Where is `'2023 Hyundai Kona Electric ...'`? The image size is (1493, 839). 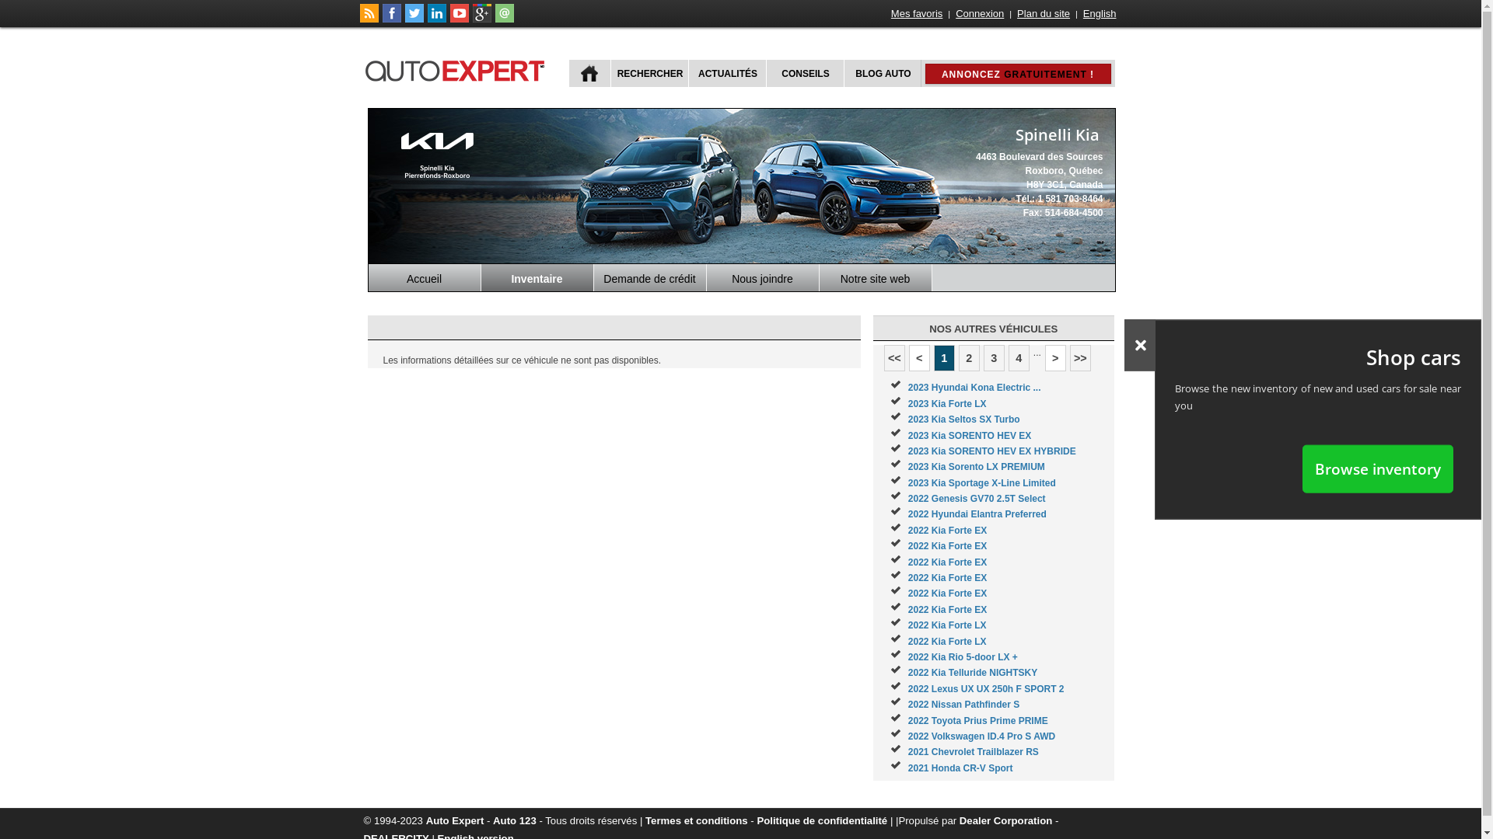 '2023 Hyundai Kona Electric ...' is located at coordinates (907, 386).